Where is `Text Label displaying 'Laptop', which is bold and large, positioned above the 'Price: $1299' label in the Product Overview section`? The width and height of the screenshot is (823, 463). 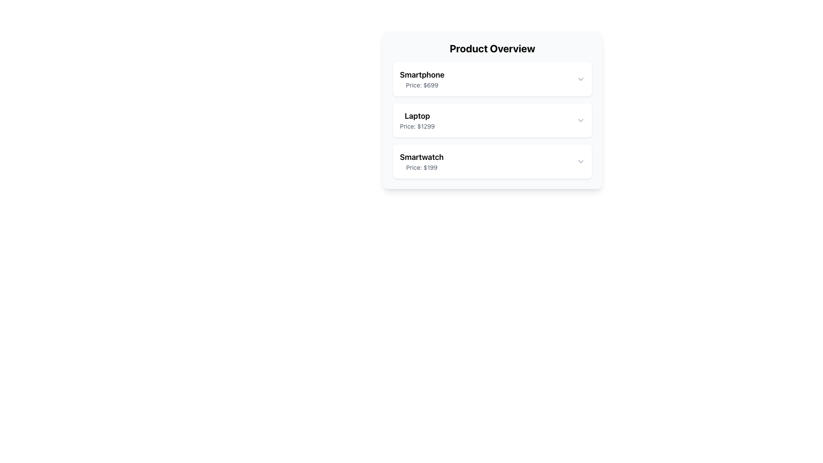
Text Label displaying 'Laptop', which is bold and large, positioned above the 'Price: $1299' label in the Product Overview section is located at coordinates (417, 116).